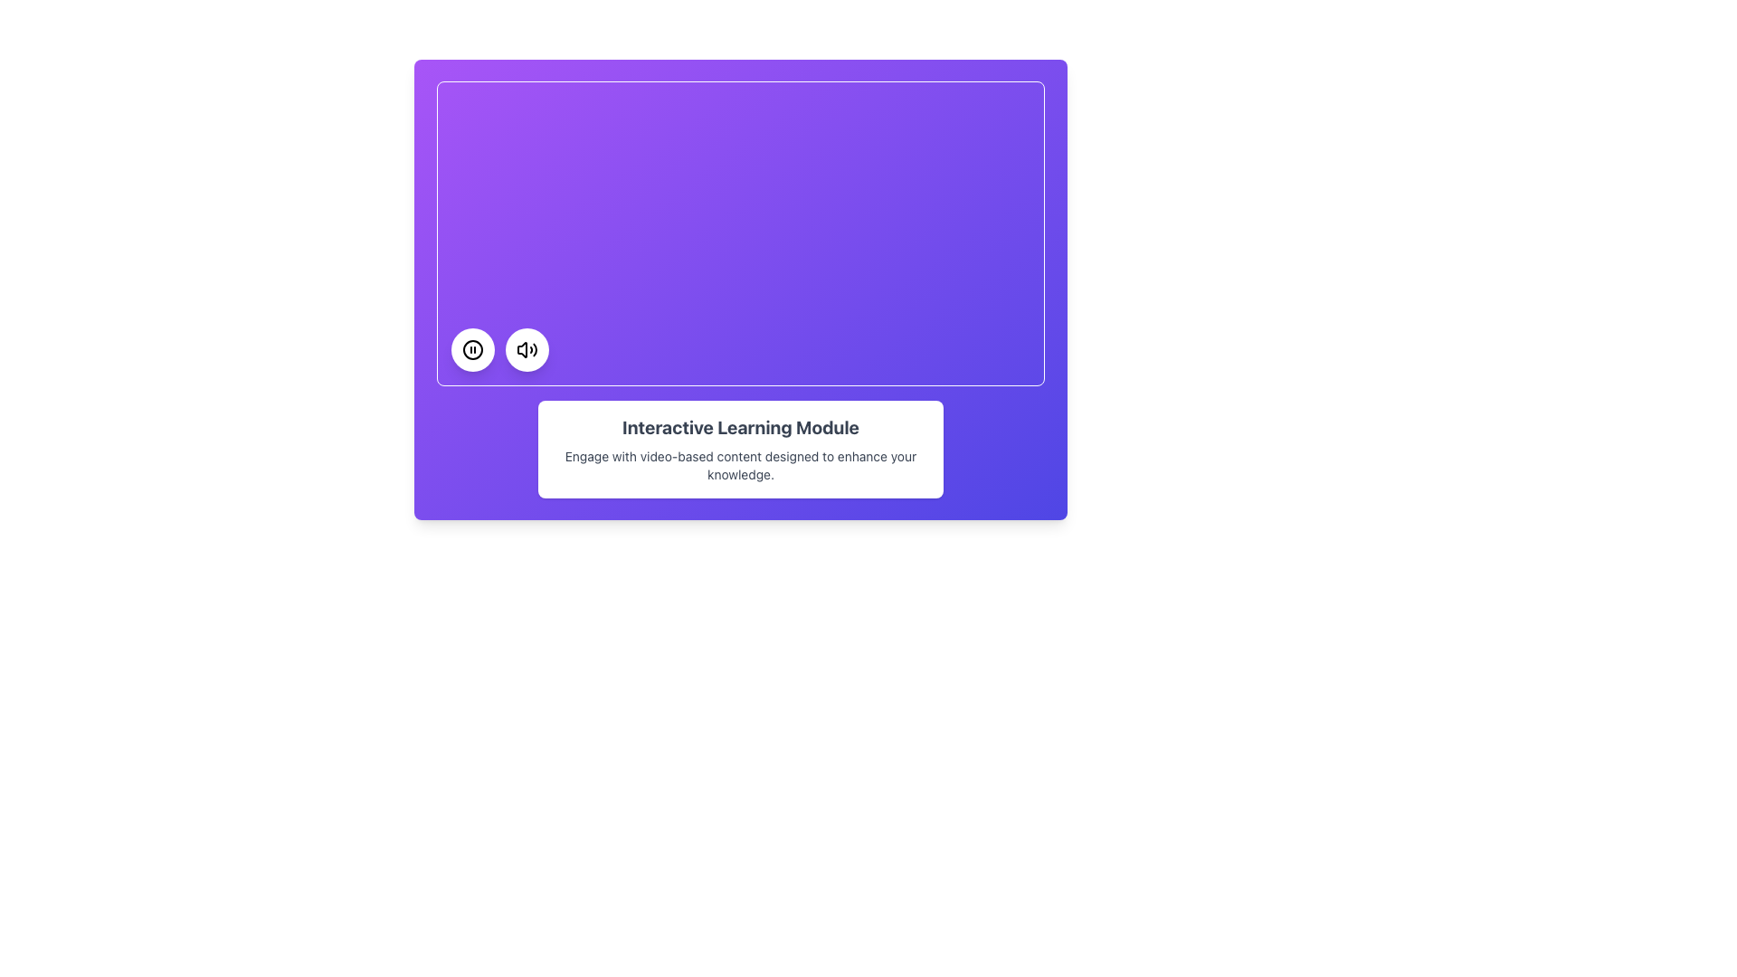 Image resolution: width=1737 pixels, height=977 pixels. Describe the element at coordinates (534, 349) in the screenshot. I see `the visual representation of the rightmost curved line segment of the 'sound waves' icon, which is part of the audio controls in the interactive learning module` at that location.